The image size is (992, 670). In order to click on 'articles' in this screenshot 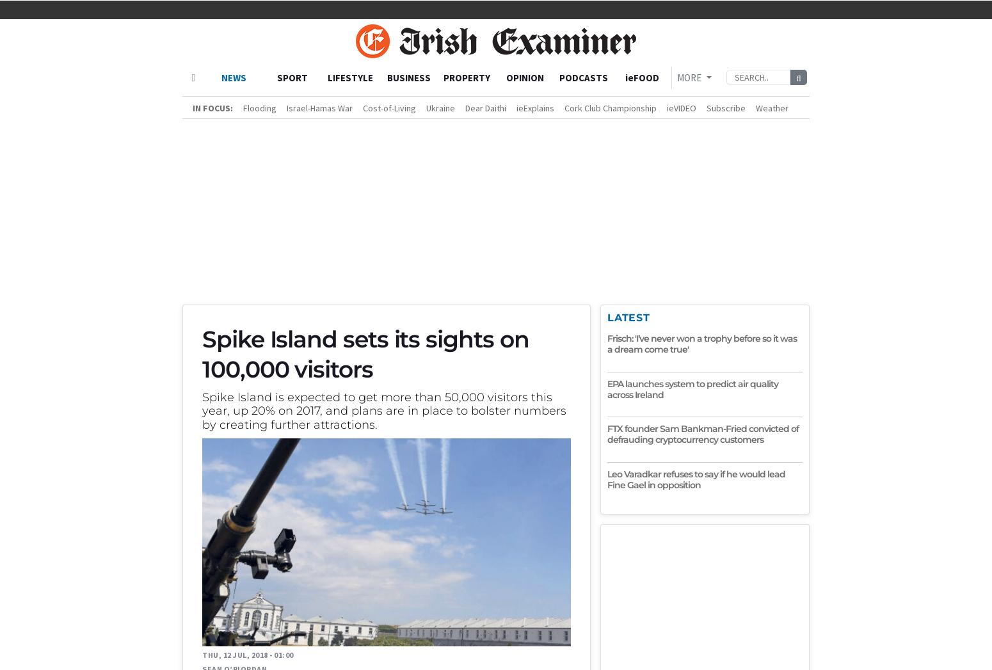, I will do `click(351, 419)`.